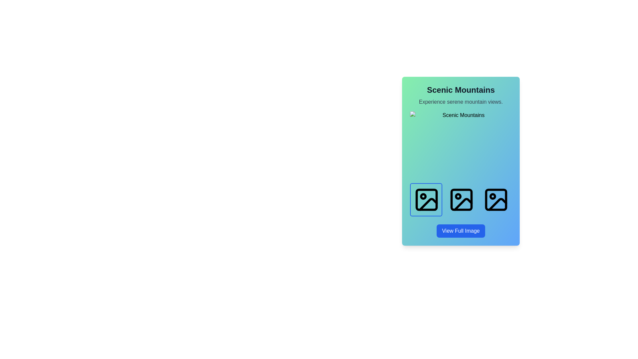 This screenshot has height=359, width=638. I want to click on the 'Scenic Mountains' text block header, which features a large, bold font in dark gray, and the subheading 'Experience serene mountain views.' in smaller, subdued gray font, positioned at the top center of its card-like UI component, so click(461, 95).